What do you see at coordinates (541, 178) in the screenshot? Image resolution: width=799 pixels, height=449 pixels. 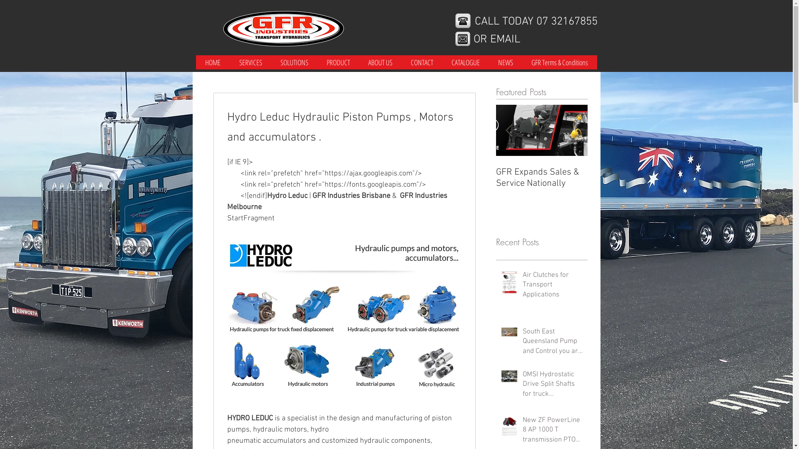 I see `'GFR Expands Sales & Service Nationally'` at bounding box center [541, 178].